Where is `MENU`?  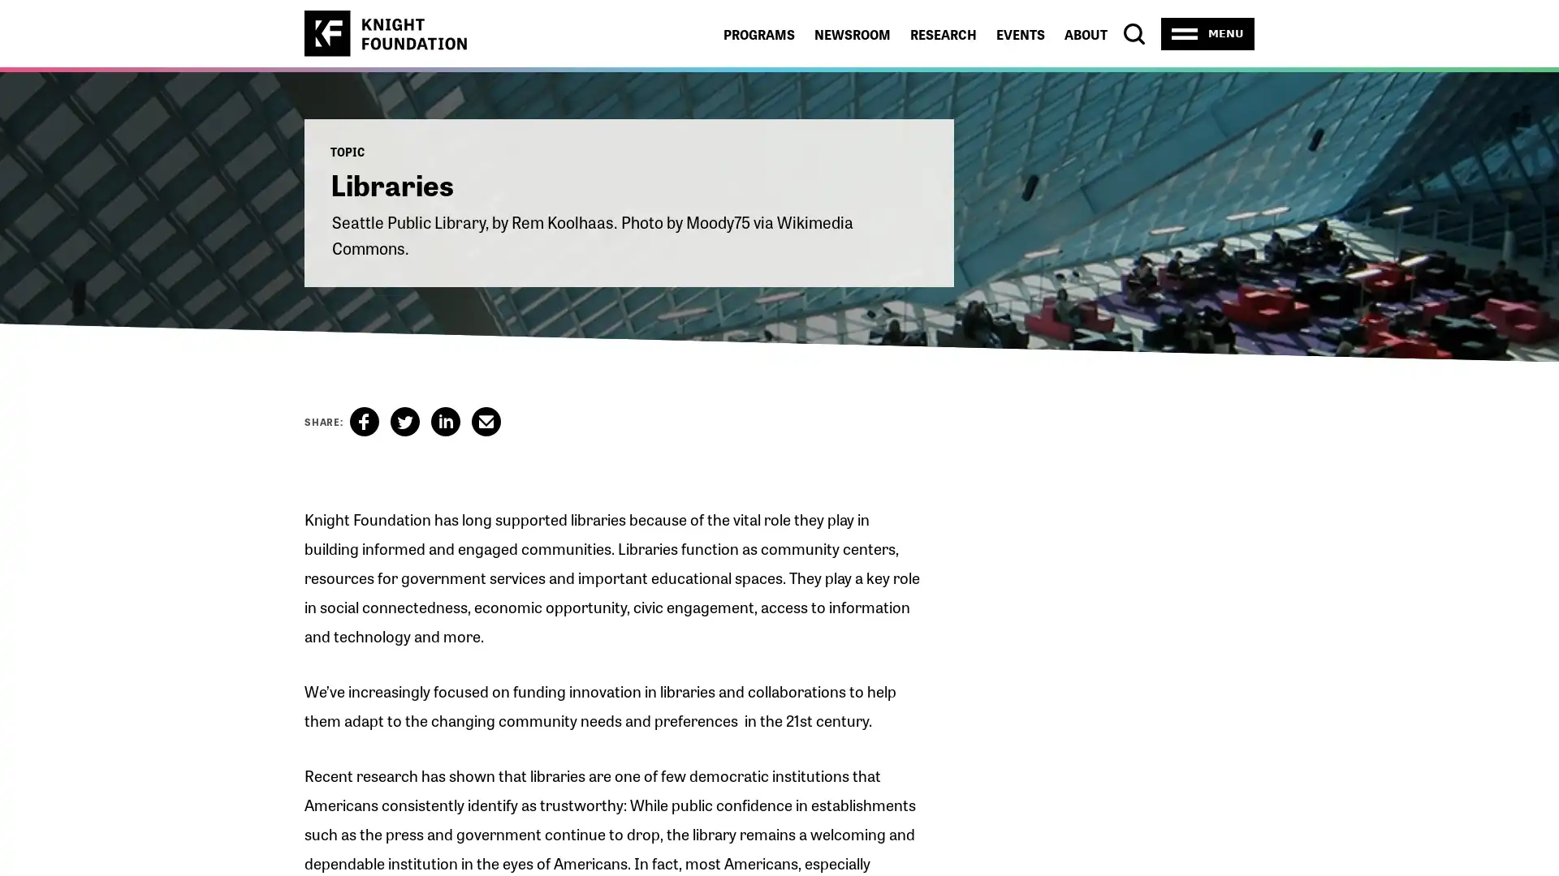
MENU is located at coordinates (1207, 33).